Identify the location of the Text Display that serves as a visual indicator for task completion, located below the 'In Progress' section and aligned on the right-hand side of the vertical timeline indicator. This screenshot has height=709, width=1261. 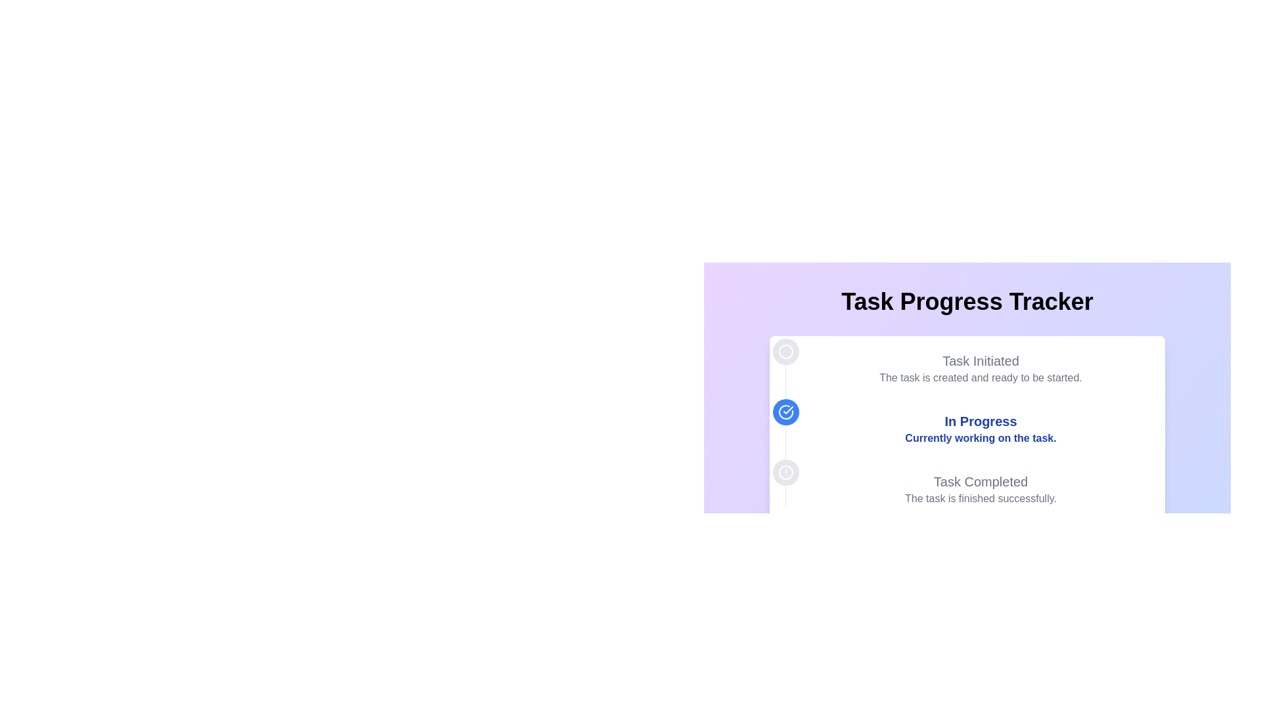
(967, 489).